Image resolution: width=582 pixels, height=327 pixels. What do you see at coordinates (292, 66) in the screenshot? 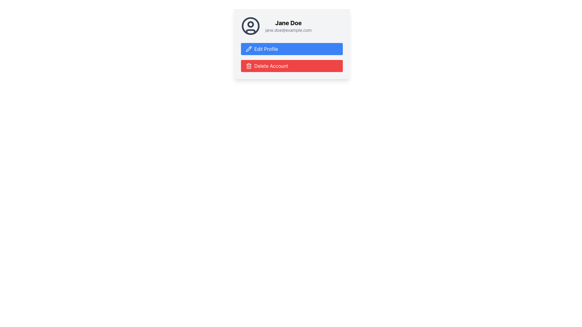
I see `the red 'Delete Account' button with a trash can icon` at bounding box center [292, 66].